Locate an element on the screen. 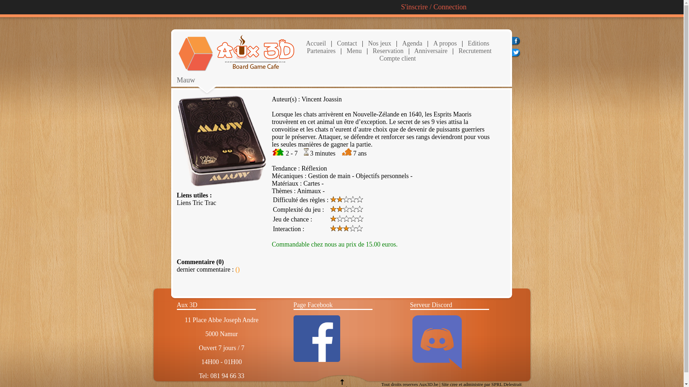 This screenshot has height=387, width=689. 'Compte client' is located at coordinates (397, 58).